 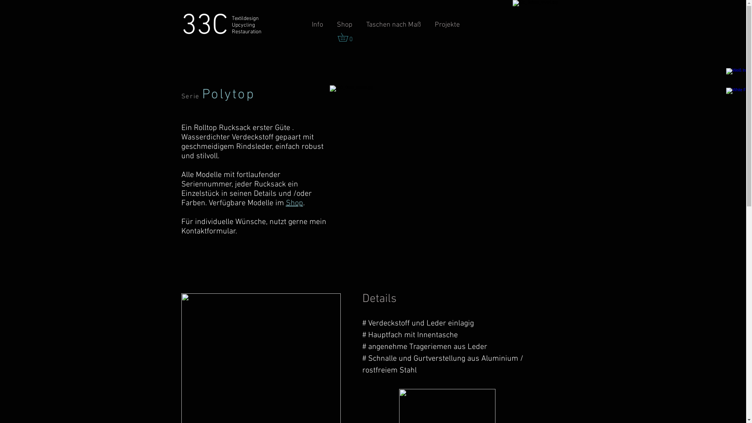 What do you see at coordinates (294, 203) in the screenshot?
I see `'Shop'` at bounding box center [294, 203].